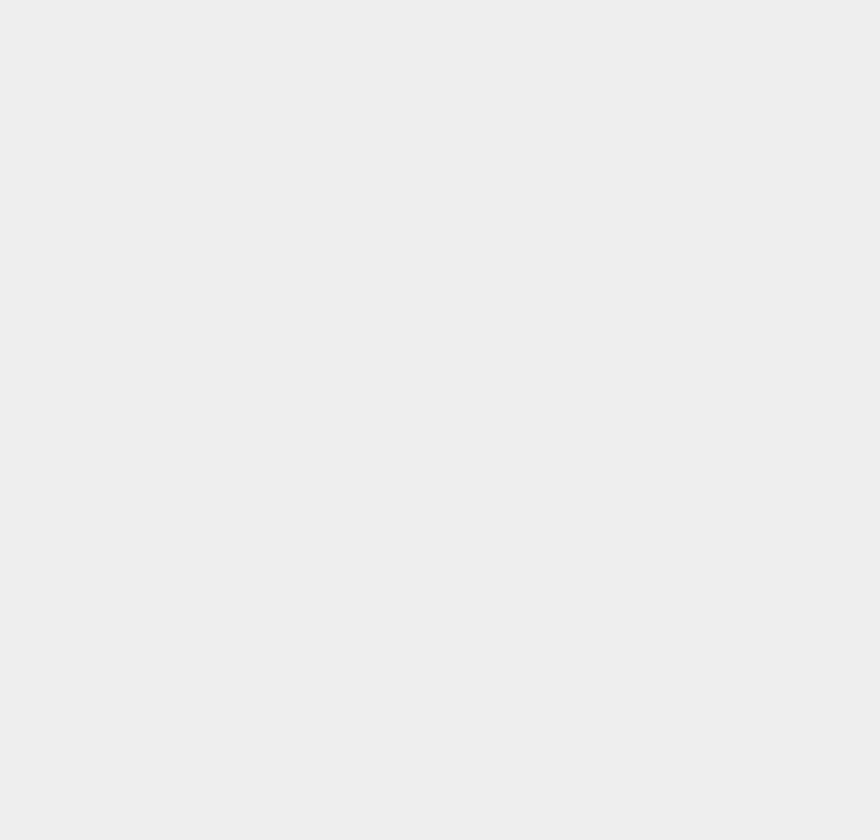  Describe the element at coordinates (645, 172) in the screenshot. I see `'OS X 10.11.1'` at that location.